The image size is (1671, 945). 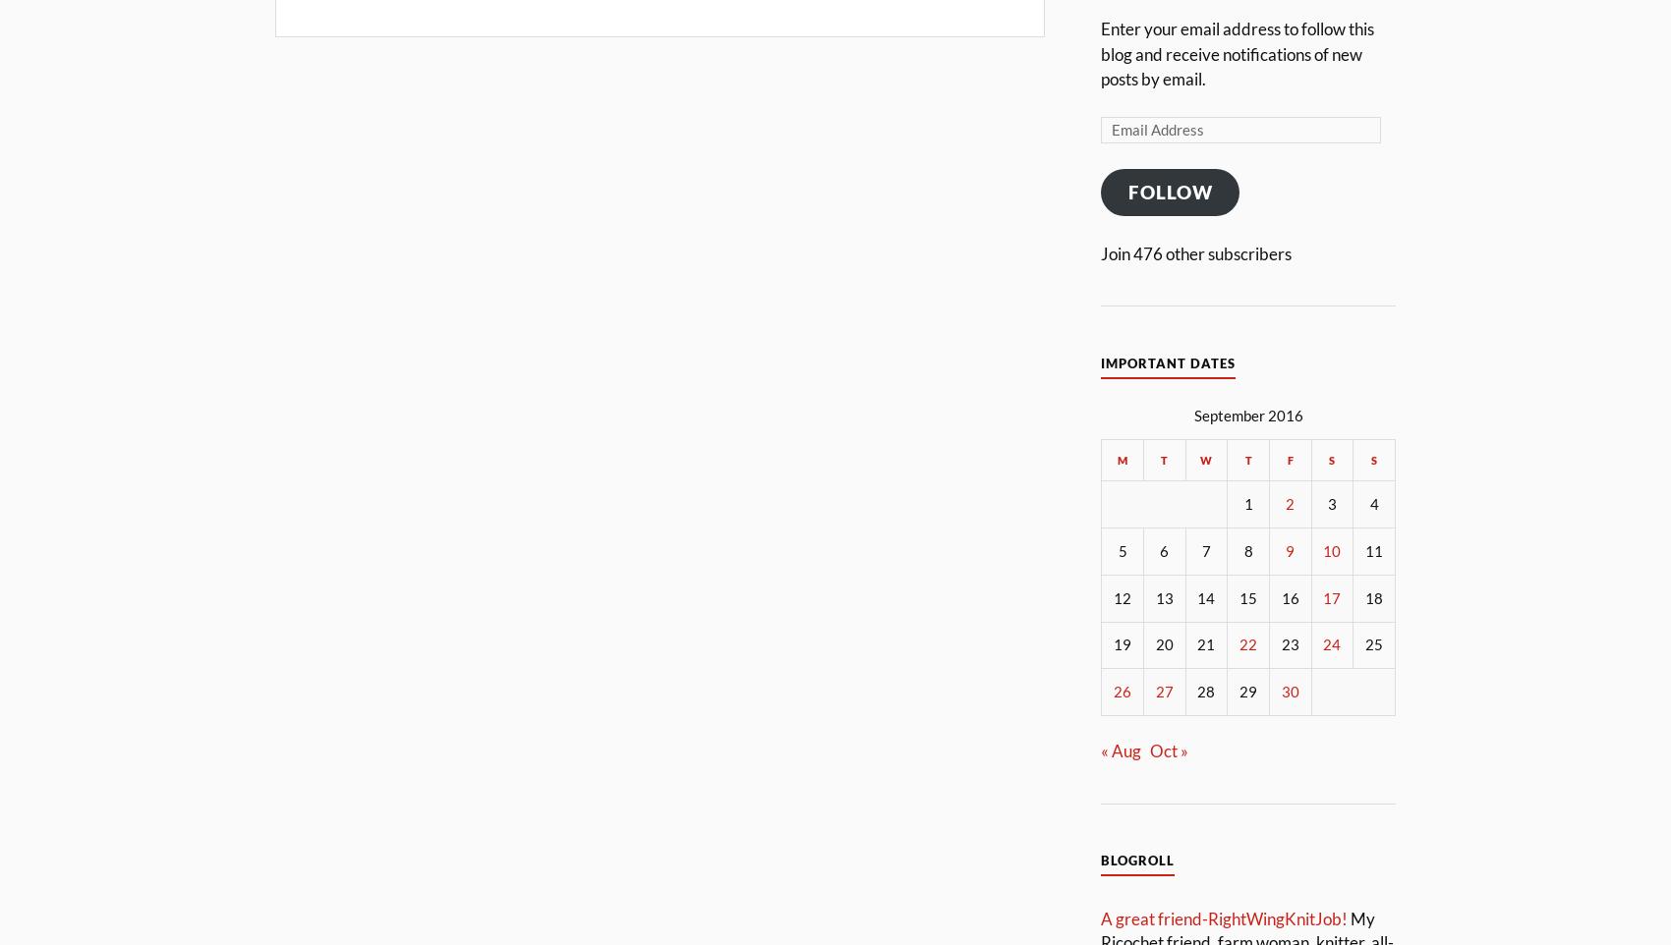 I want to click on '11', so click(x=1373, y=549).